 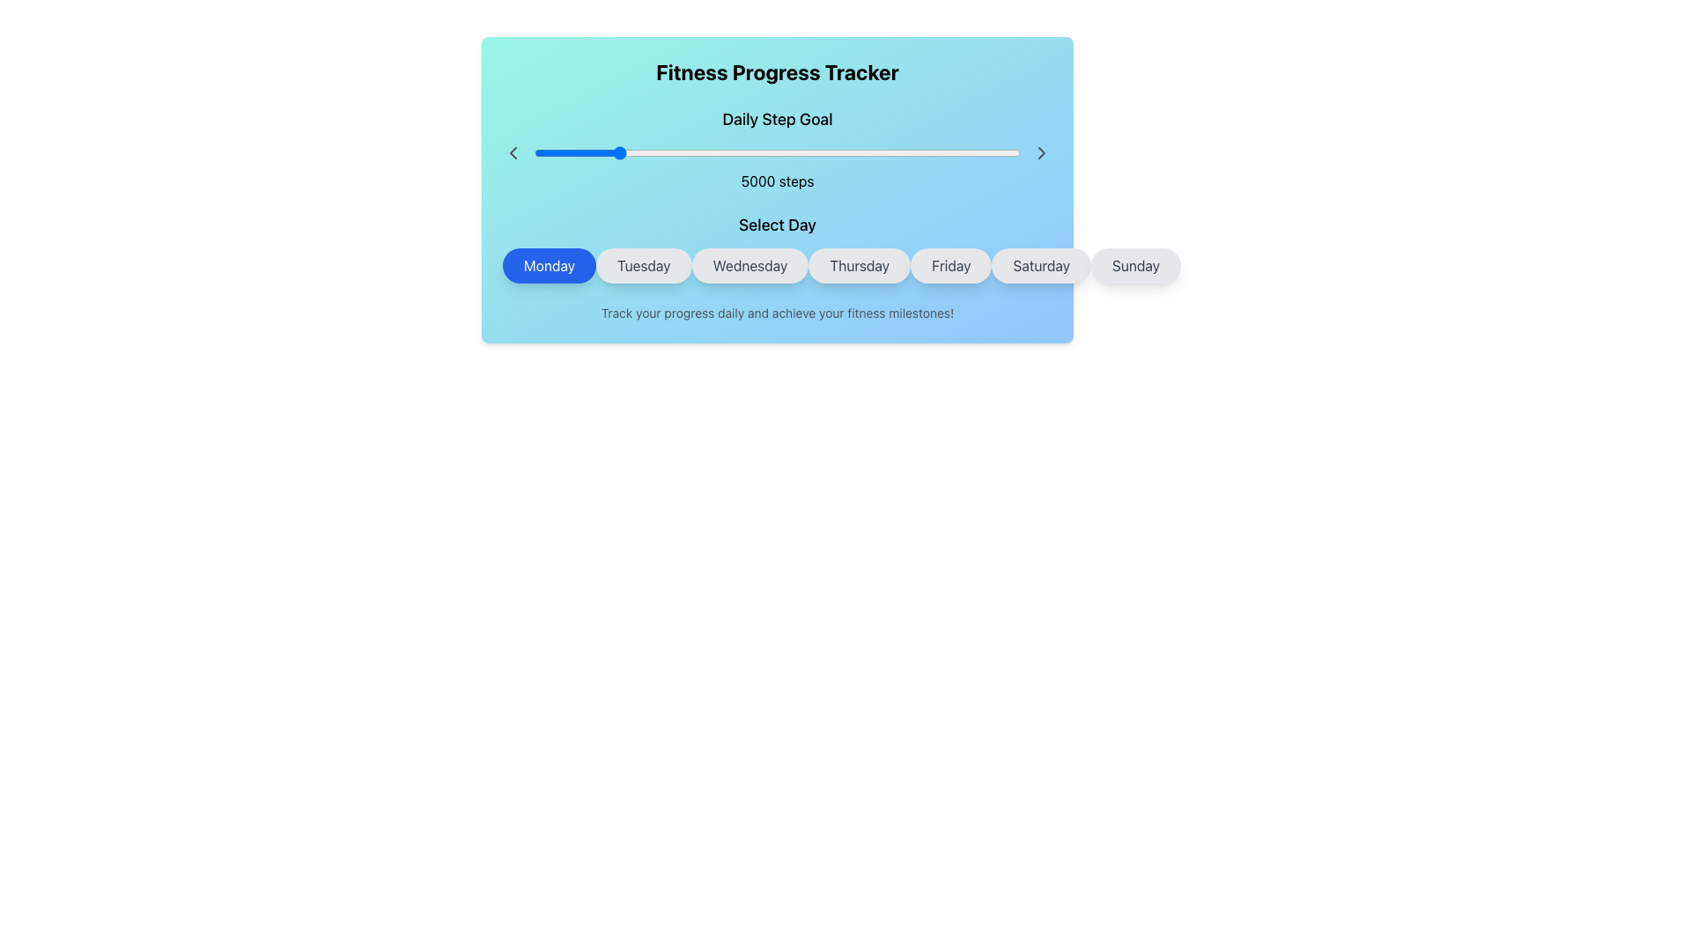 I want to click on the step goal, so click(x=700, y=151).